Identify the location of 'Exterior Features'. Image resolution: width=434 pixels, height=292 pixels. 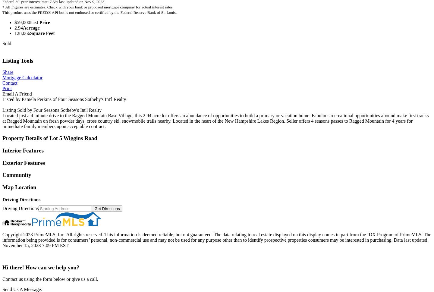
(24, 162).